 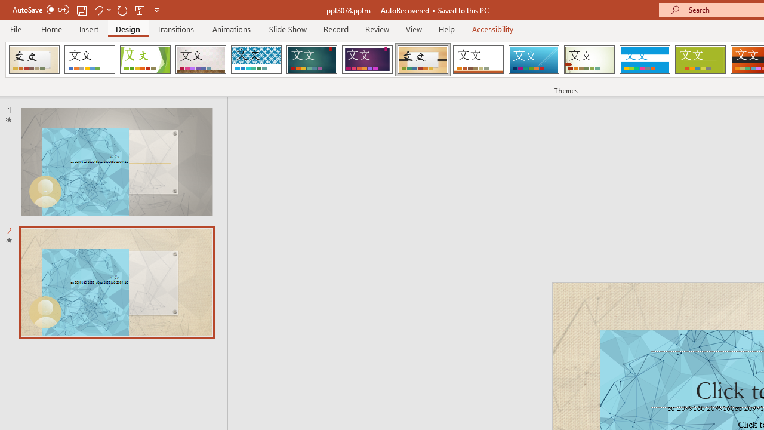 What do you see at coordinates (533, 60) in the screenshot?
I see `'Slice'` at bounding box center [533, 60].